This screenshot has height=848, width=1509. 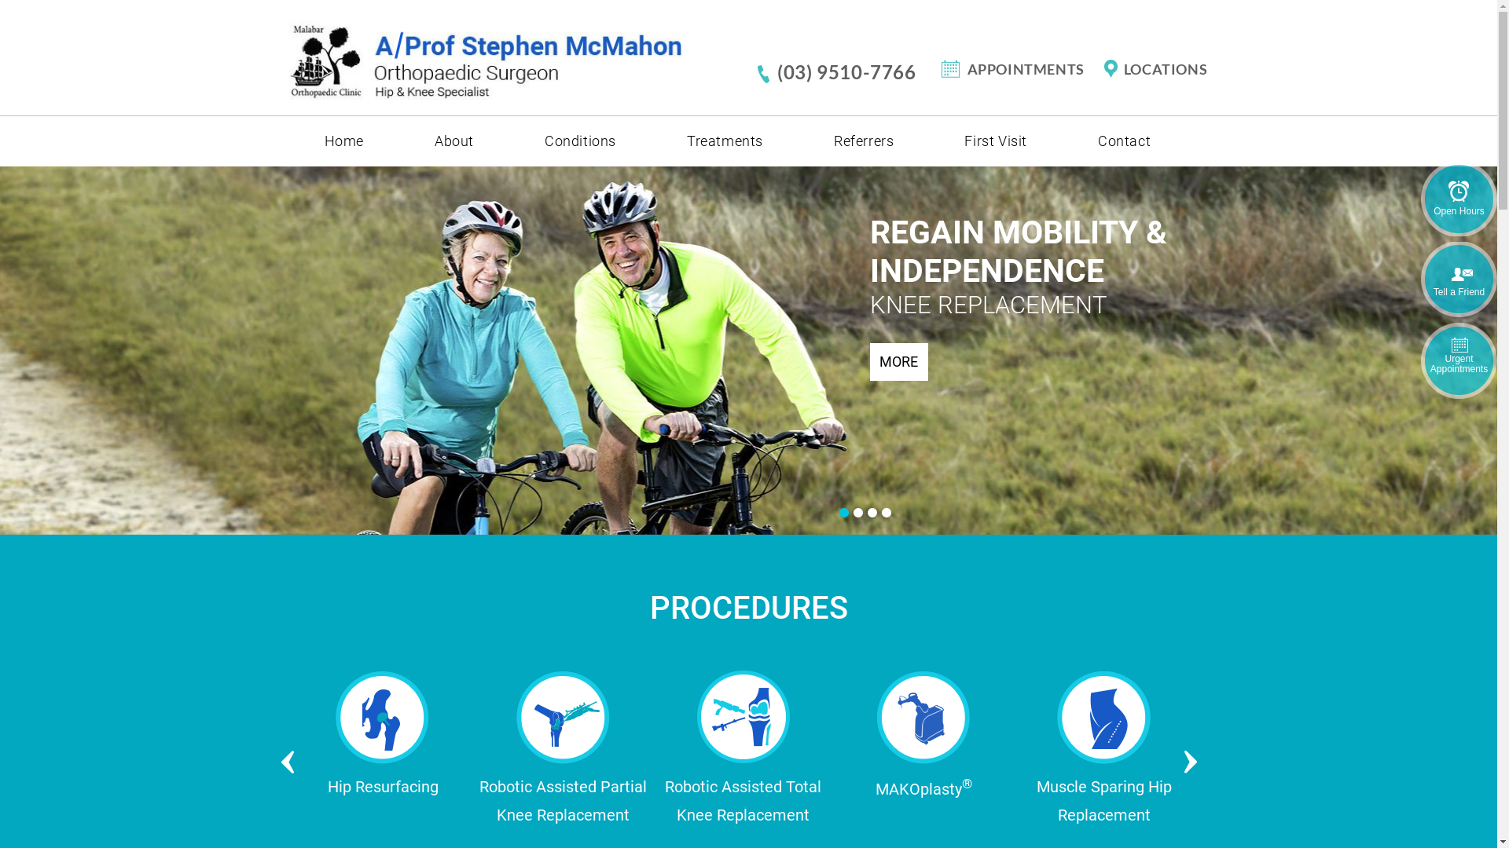 I want to click on 'APPOINTMENTS', so click(x=1019, y=68).